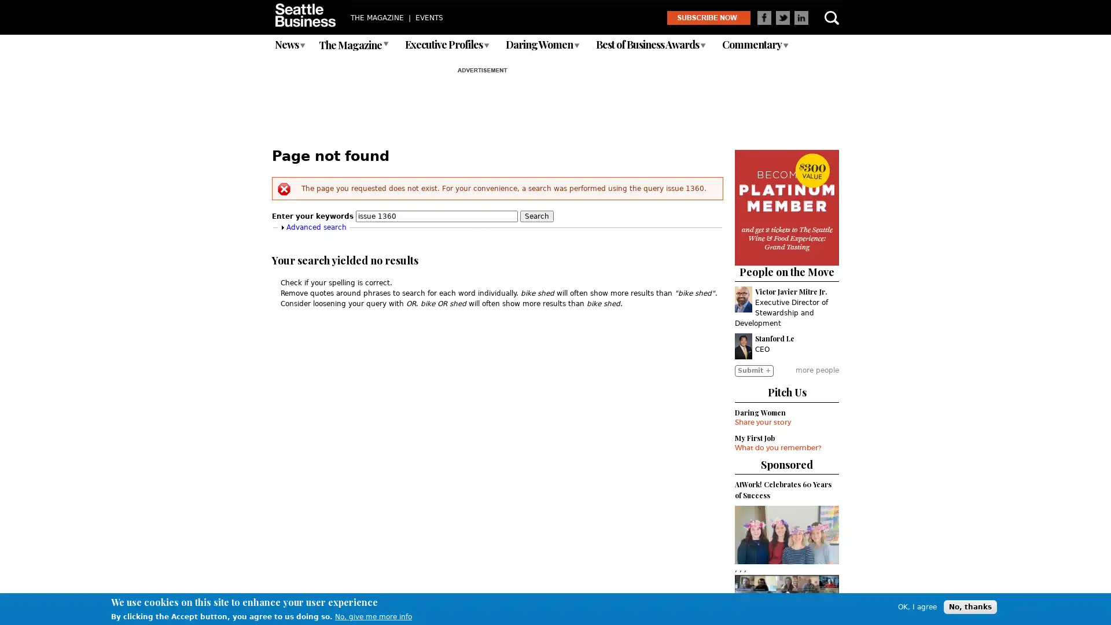 The width and height of the screenshot is (1111, 625). I want to click on OK, I agree, so click(917, 606).